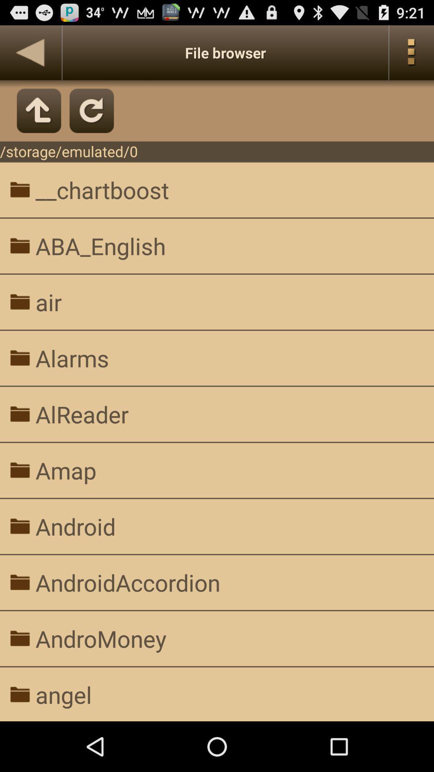  Describe the element at coordinates (30, 52) in the screenshot. I see `go back` at that location.